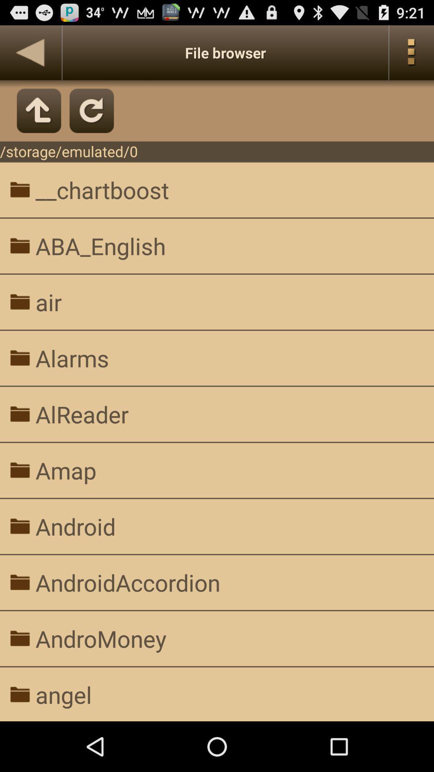  Describe the element at coordinates (30, 52) in the screenshot. I see `go back` at that location.